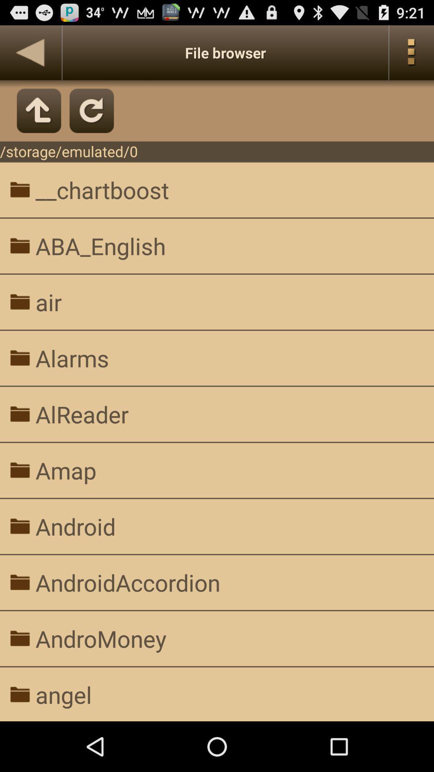  Describe the element at coordinates (30, 52) in the screenshot. I see `go back` at that location.